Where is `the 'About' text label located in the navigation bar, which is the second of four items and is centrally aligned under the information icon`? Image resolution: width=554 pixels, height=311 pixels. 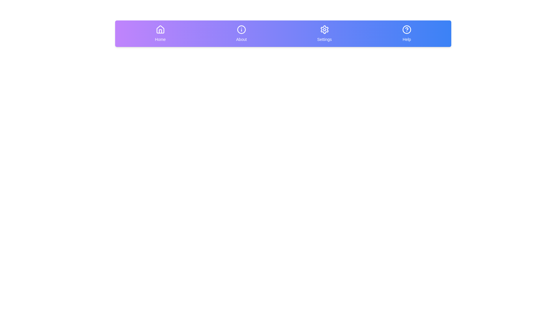 the 'About' text label located in the navigation bar, which is the second of four items and is centrally aligned under the information icon is located at coordinates (241, 39).